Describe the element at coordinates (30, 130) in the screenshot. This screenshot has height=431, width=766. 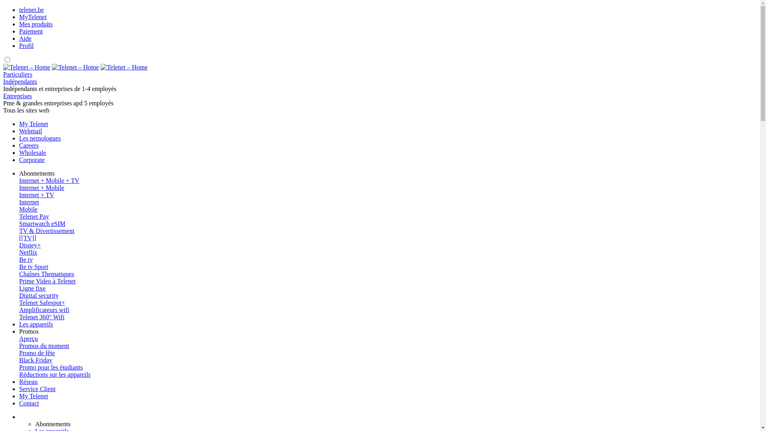
I see `'Webmail'` at that location.